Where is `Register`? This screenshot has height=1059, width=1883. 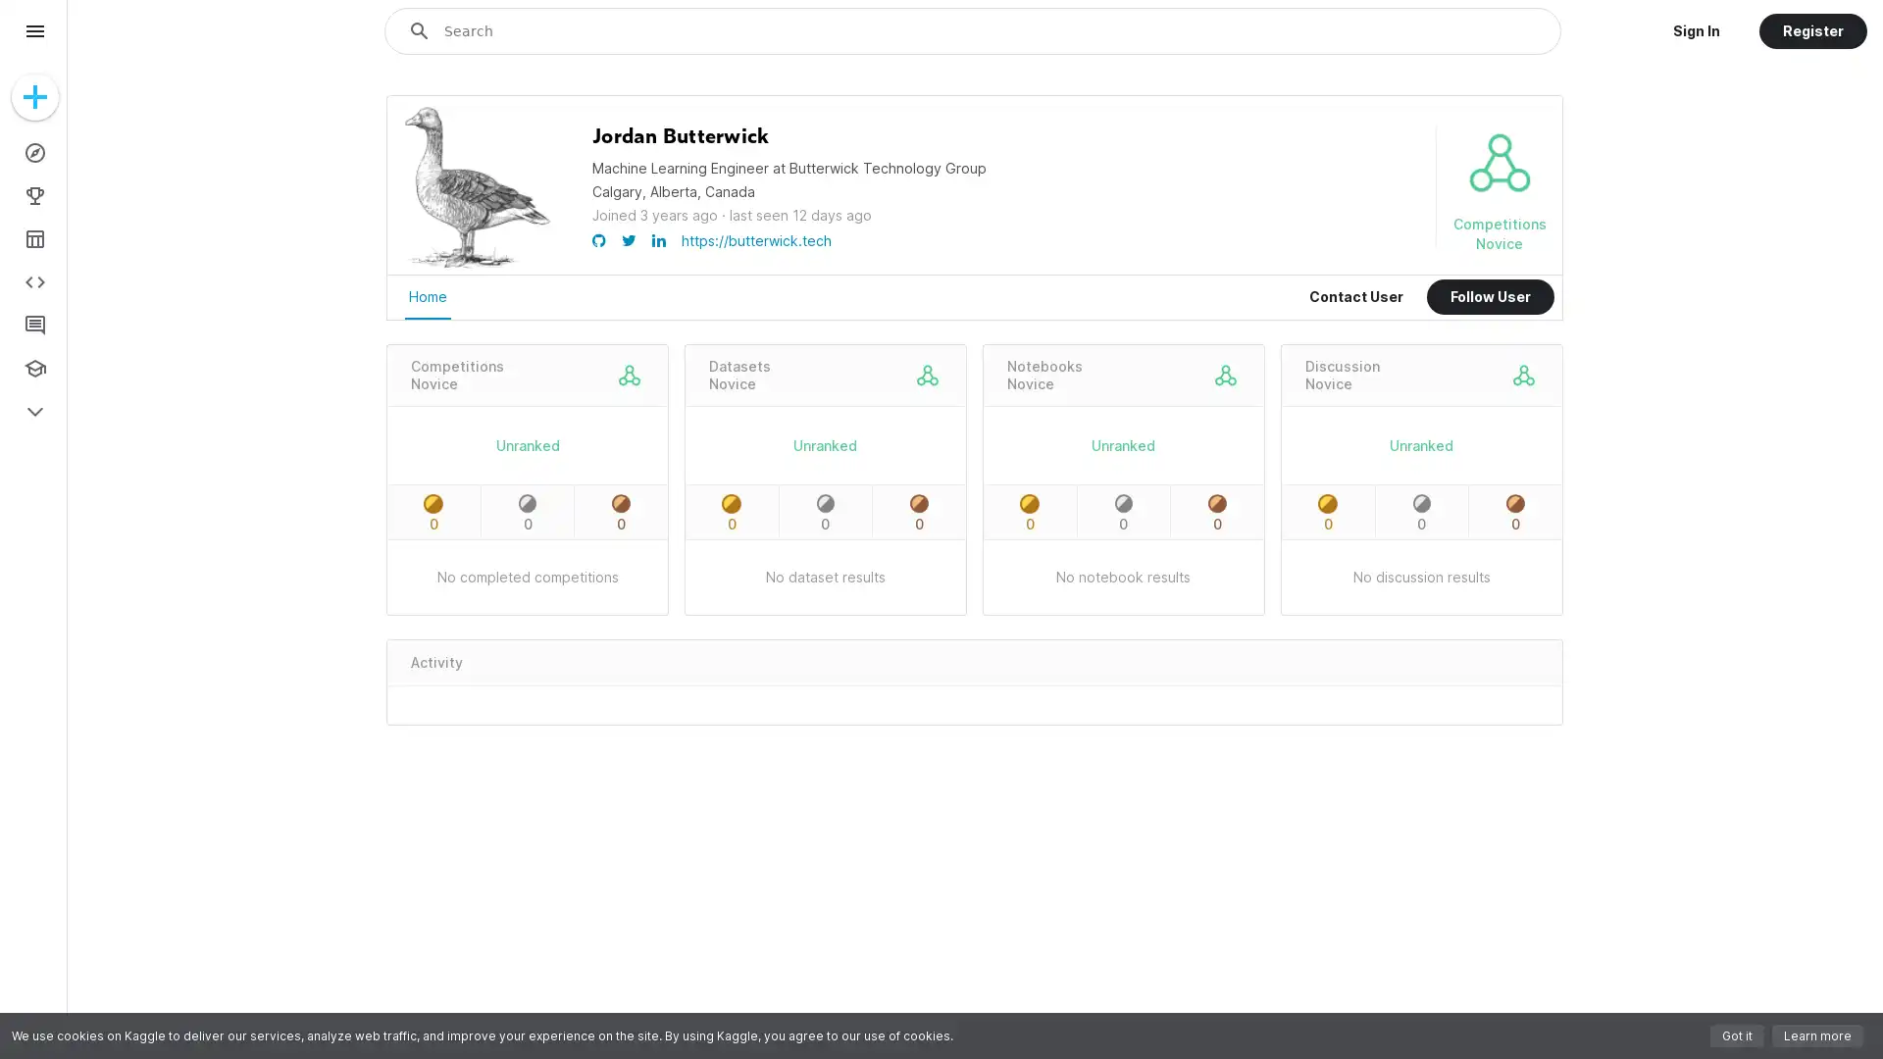
Register is located at coordinates (1811, 30).